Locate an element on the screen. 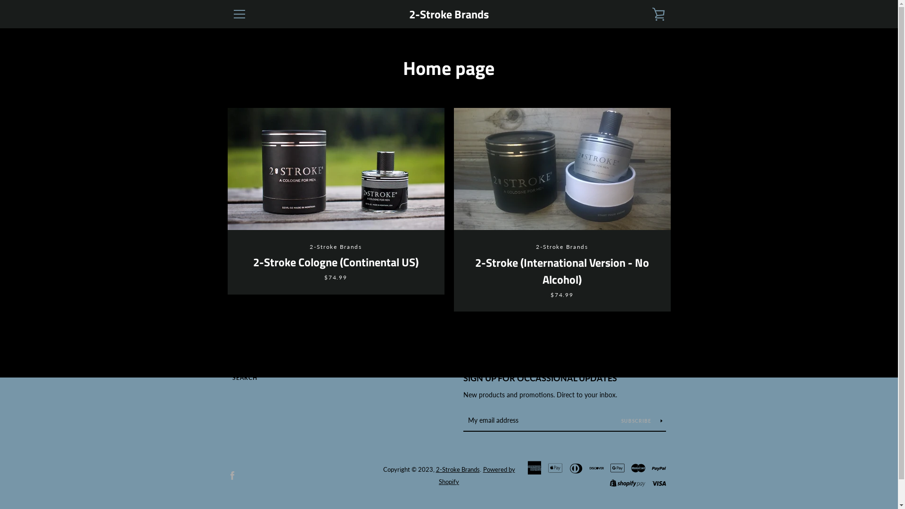  'EXPAND NAVIGATION' is located at coordinates (239, 14).